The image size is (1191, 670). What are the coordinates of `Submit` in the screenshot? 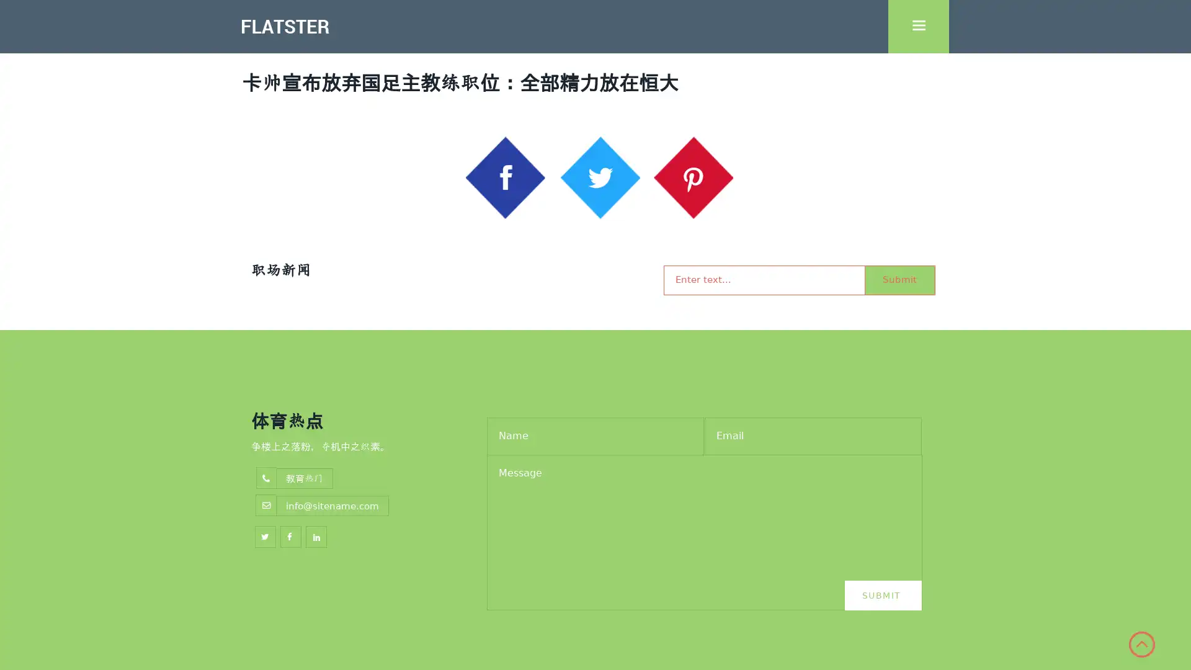 It's located at (894, 280).